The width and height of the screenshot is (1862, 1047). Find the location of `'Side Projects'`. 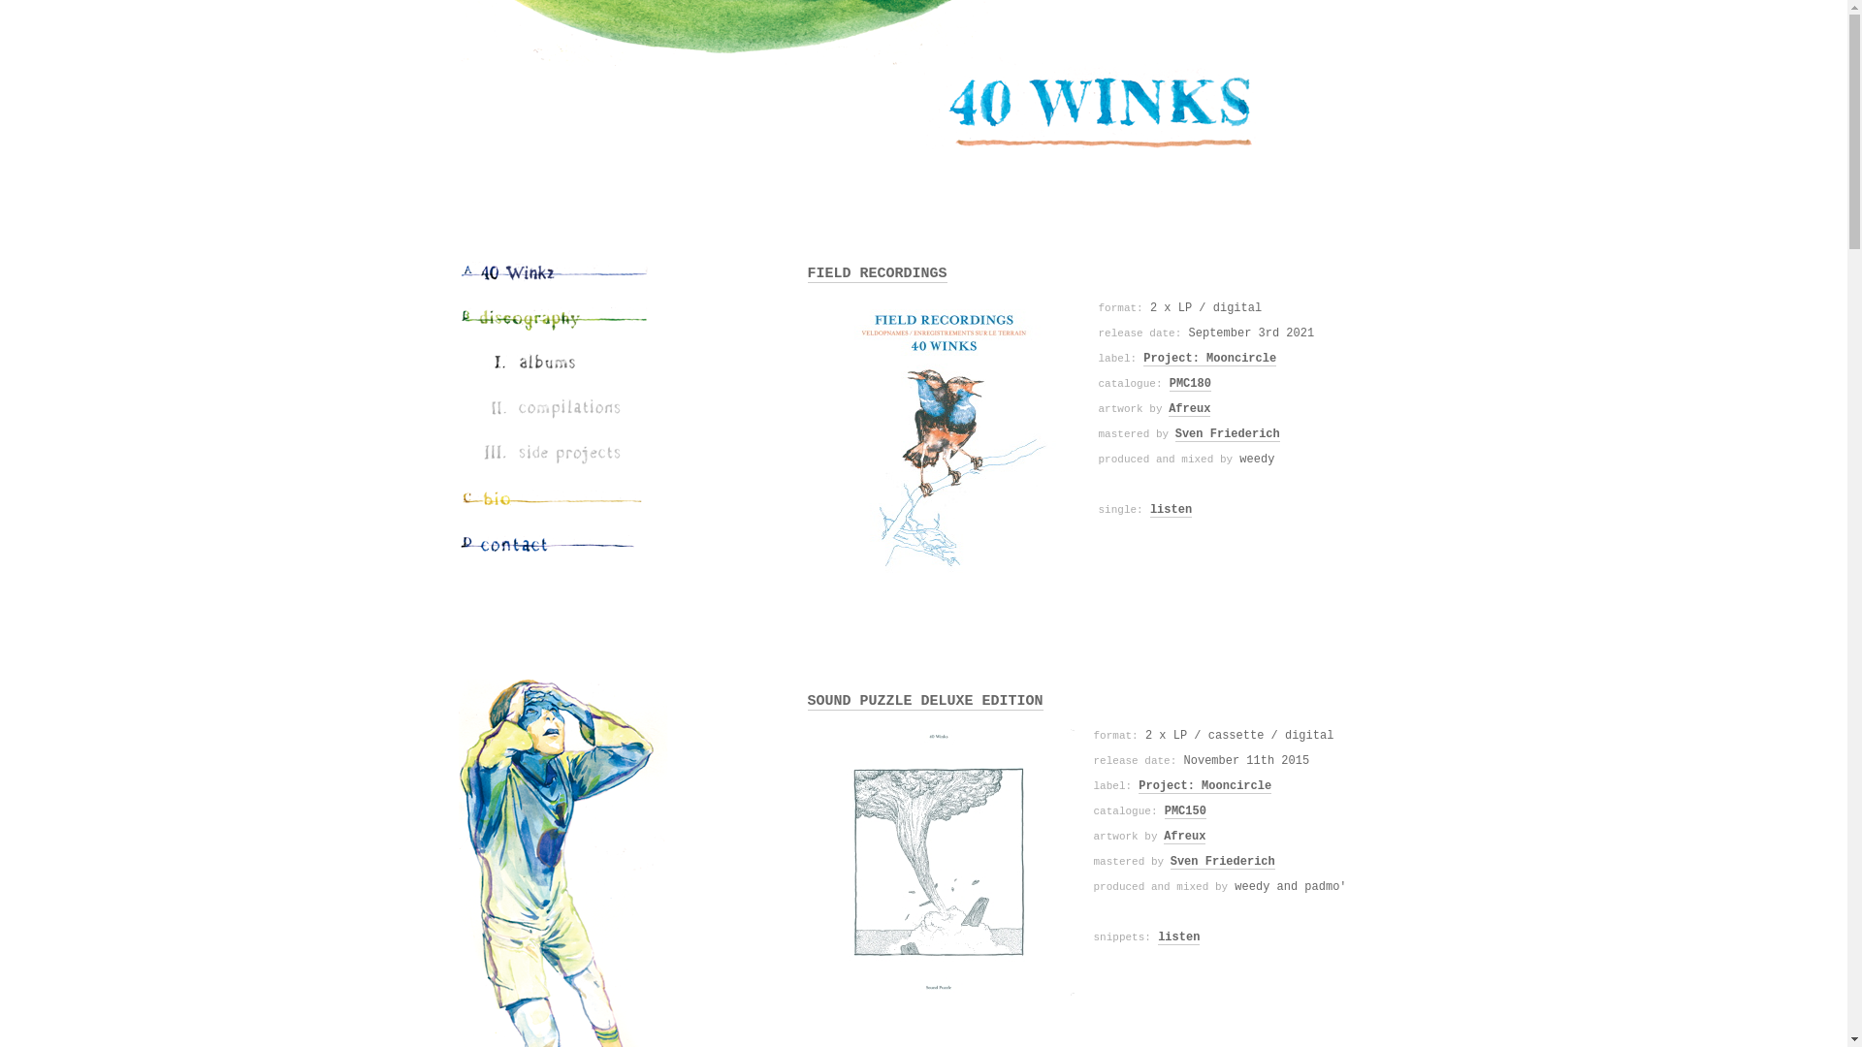

'Side Projects' is located at coordinates (479, 457).